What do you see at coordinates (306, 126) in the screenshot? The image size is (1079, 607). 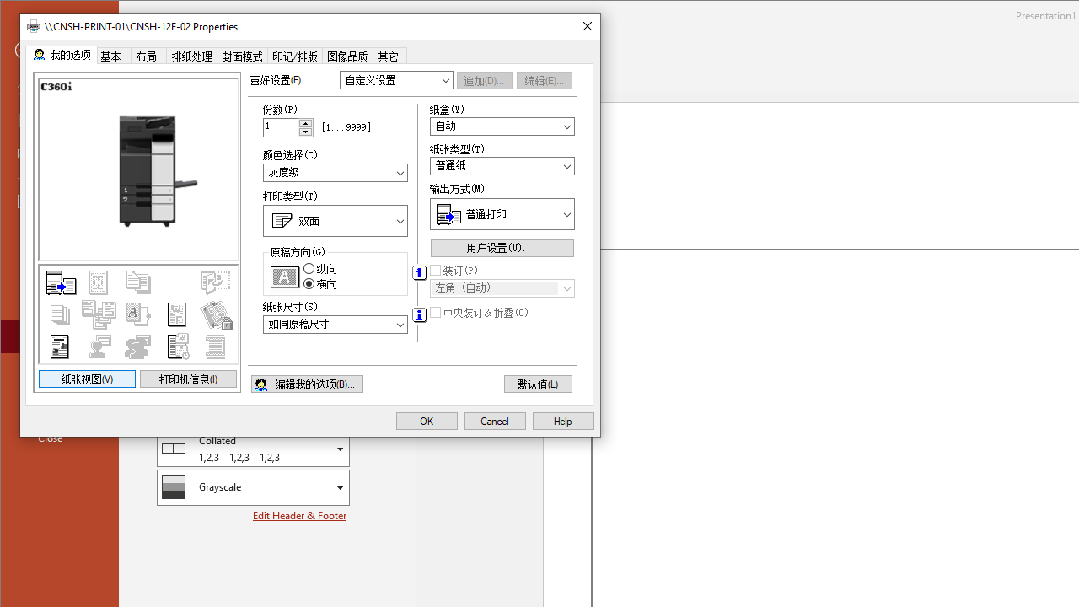 I see `'AutomationID: 1012'` at bounding box center [306, 126].